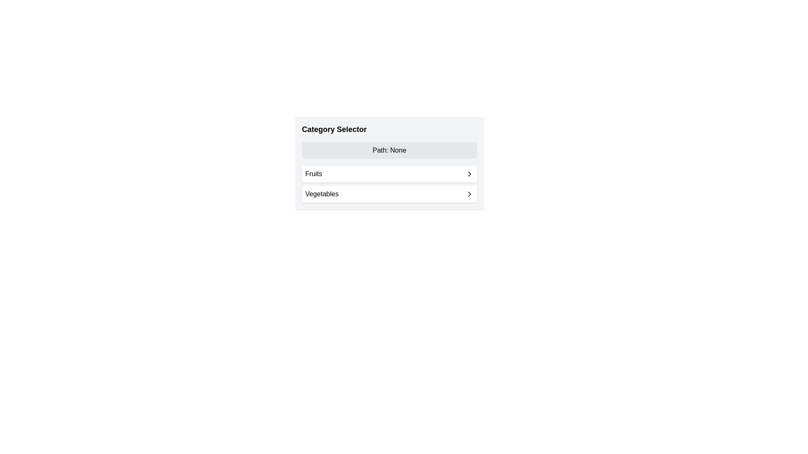  I want to click on the 'Vegetables' category label located in the lower selection block of the category selector interface, positioned below the 'Fruits' selection item and aligned to the left margin, so click(322, 194).